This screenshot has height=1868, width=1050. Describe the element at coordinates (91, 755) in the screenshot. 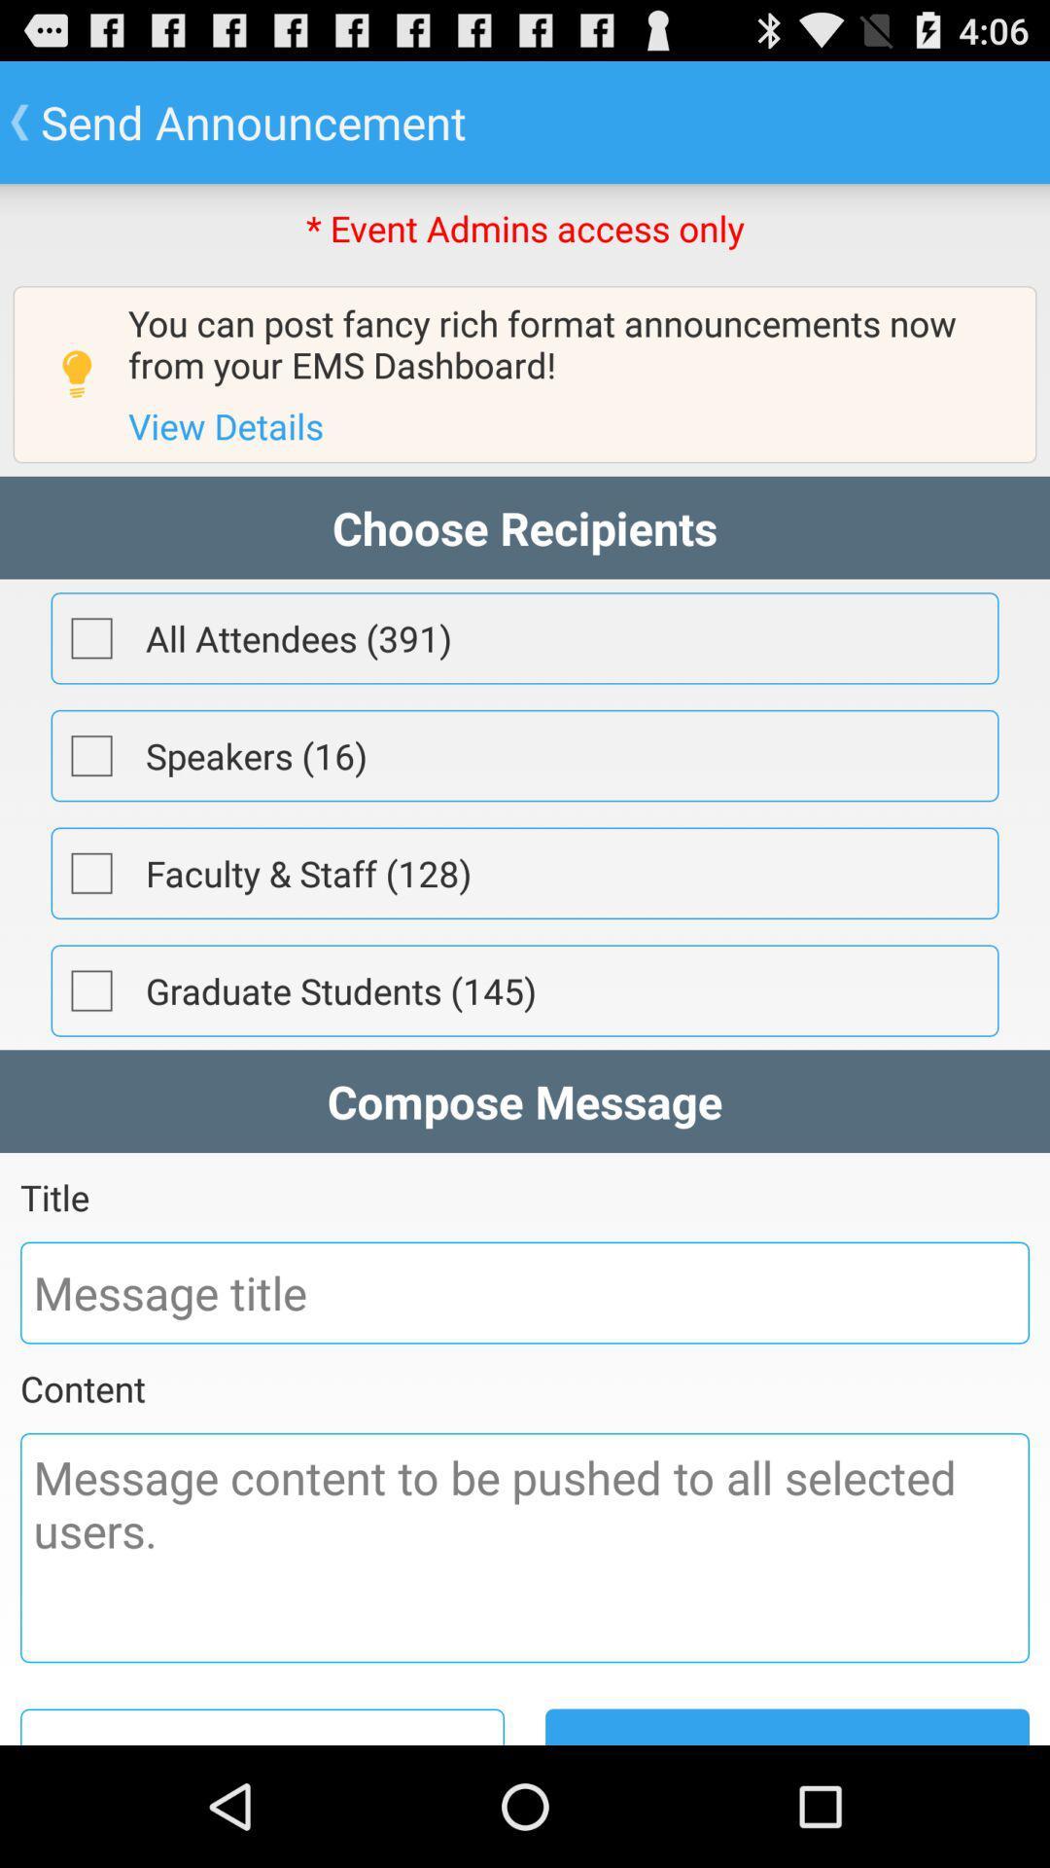

I see `checkbox toggle` at that location.